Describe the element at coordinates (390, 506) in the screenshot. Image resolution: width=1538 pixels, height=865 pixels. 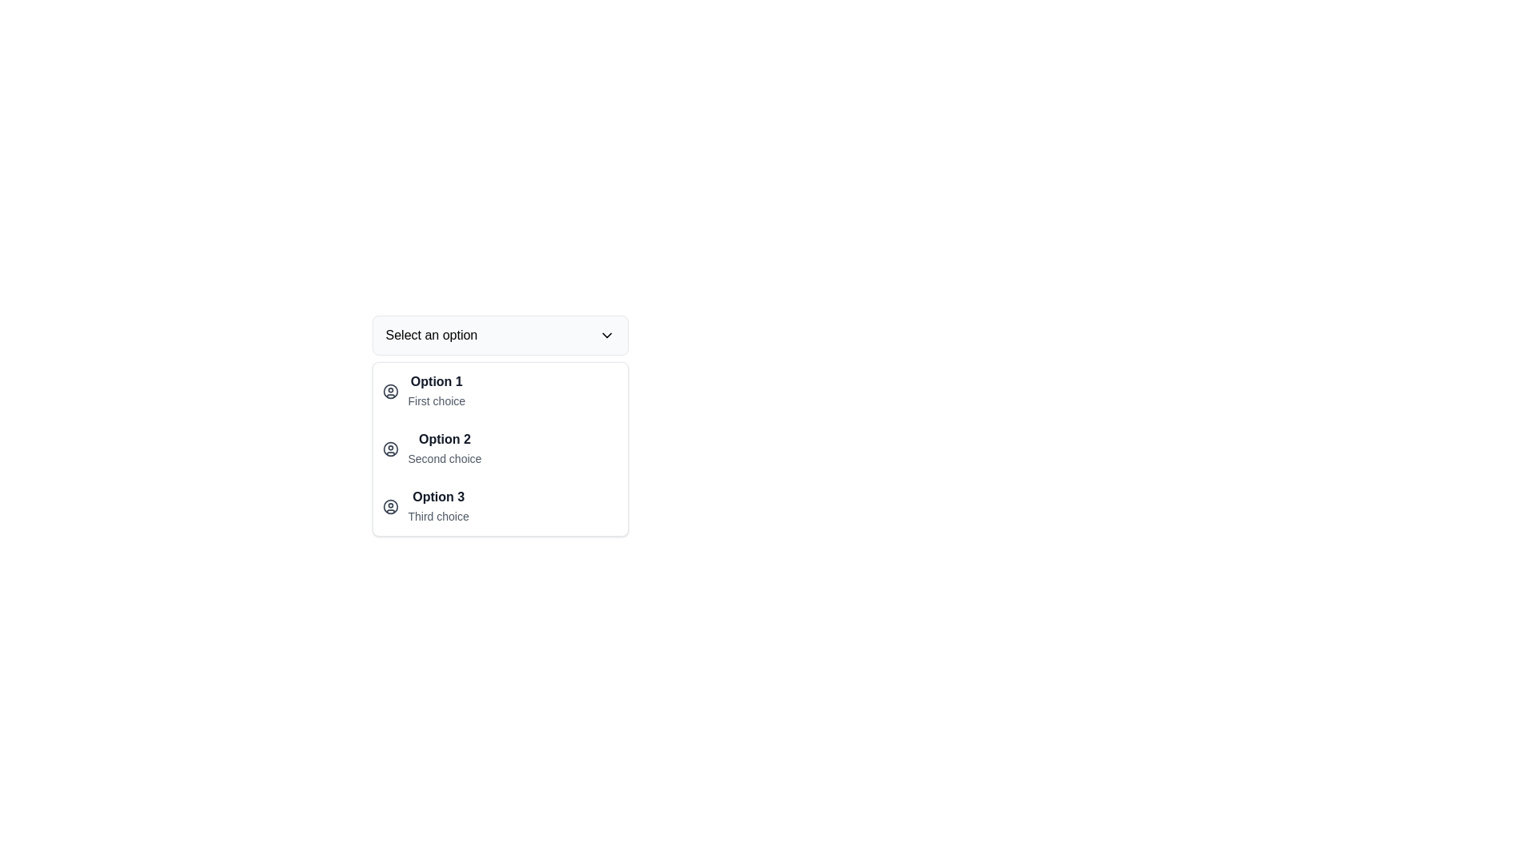
I see `the icon representing 'Option 3'` at that location.